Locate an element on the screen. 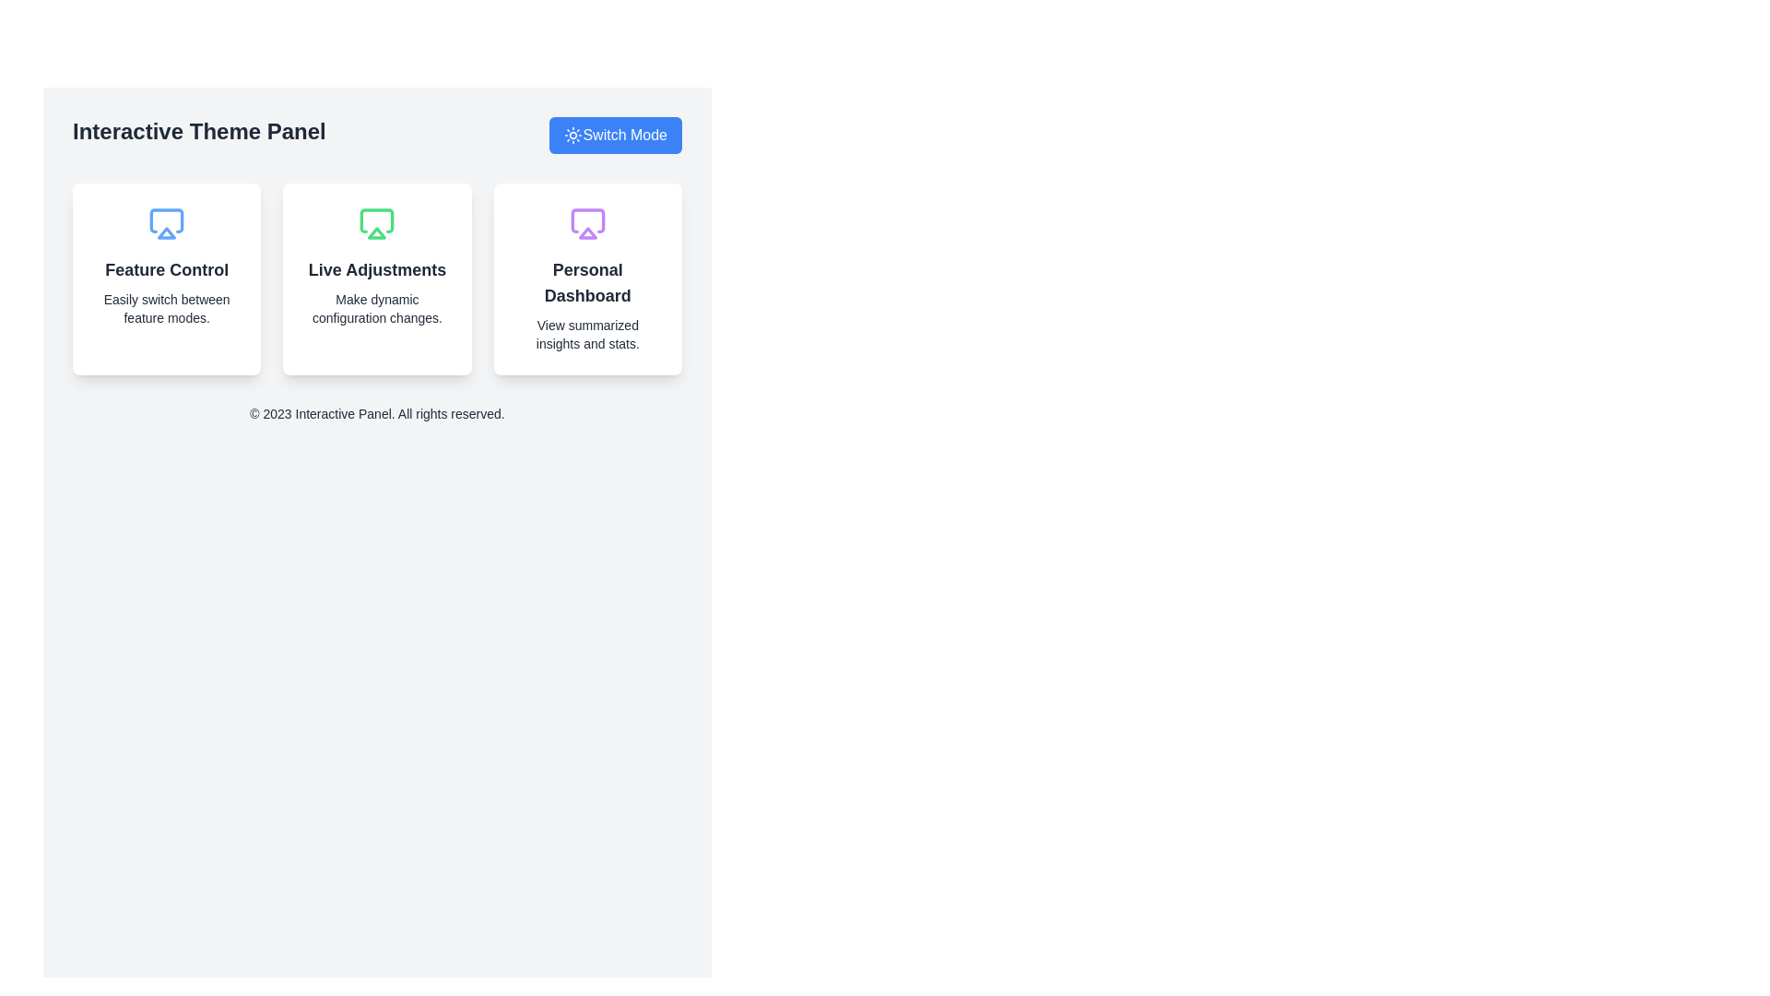  the upper boundary of the blue-themed monitor icon located in the first card under the title 'Feature Control' is located at coordinates (167, 219).